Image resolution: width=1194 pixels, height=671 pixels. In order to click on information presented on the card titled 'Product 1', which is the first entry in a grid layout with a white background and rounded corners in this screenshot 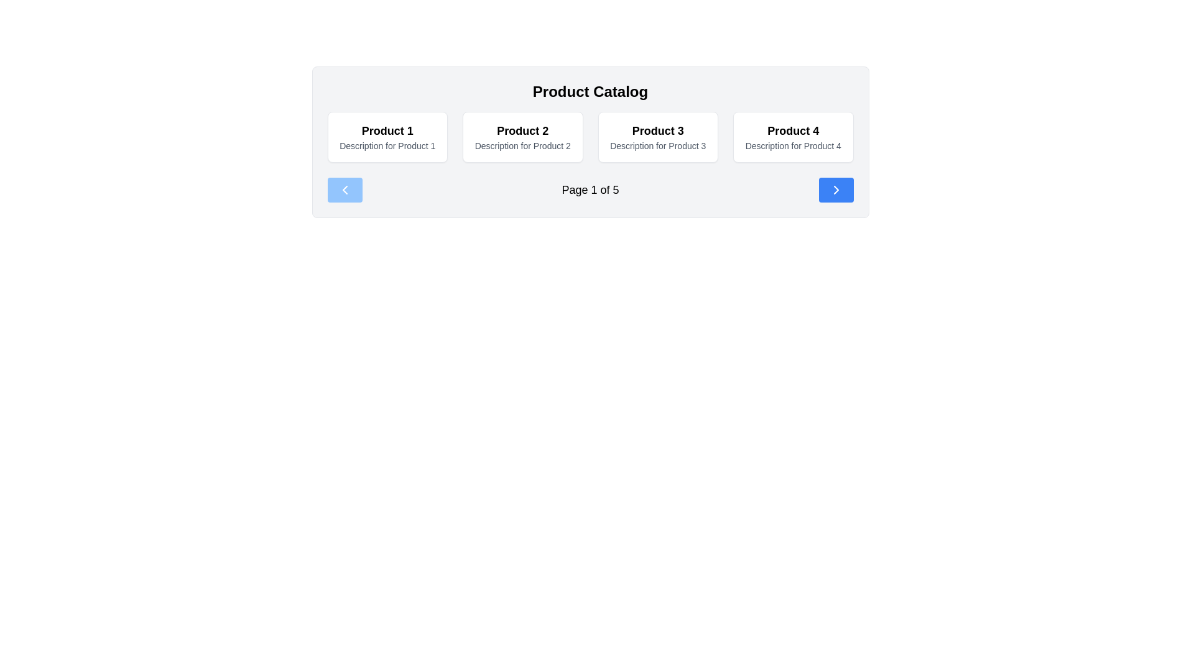, I will do `click(387, 137)`.